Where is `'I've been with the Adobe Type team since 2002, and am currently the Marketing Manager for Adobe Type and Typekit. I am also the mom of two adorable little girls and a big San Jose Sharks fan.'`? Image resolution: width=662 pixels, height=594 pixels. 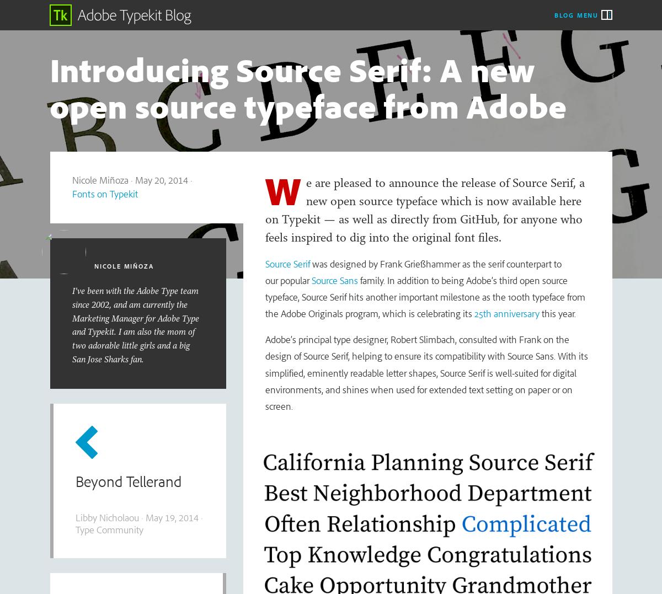
'I've been with the Adobe Type team since 2002, and am currently the Marketing Manager for Adobe Type and Typekit. I am also the mom of two adorable little girls and a big San Jose Sharks fan.' is located at coordinates (71, 324).